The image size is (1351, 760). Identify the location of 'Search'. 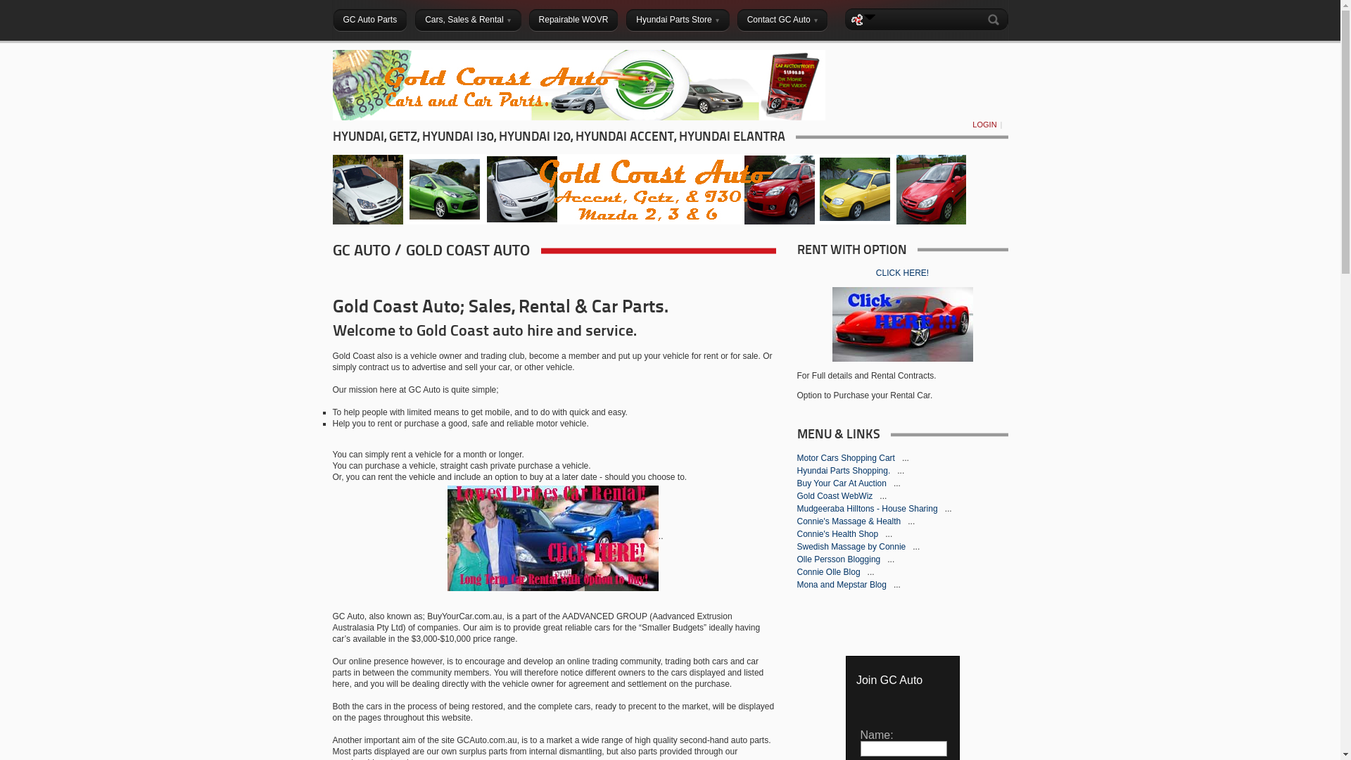
(995, 19).